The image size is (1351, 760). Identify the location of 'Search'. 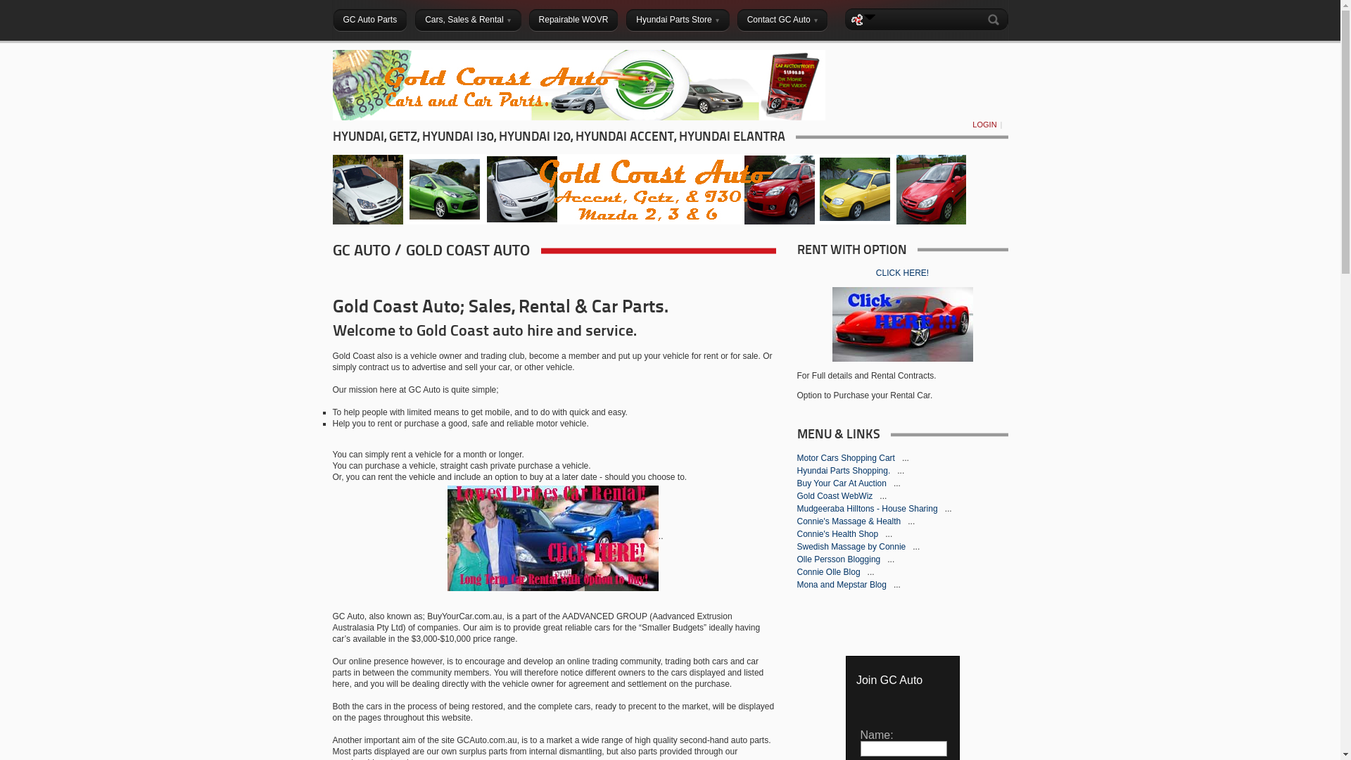
(995, 19).